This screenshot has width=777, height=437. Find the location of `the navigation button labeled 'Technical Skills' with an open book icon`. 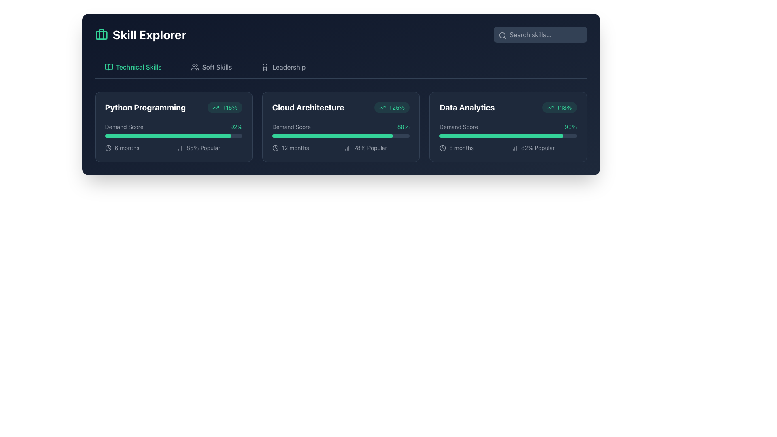

the navigation button labeled 'Technical Skills' with an open book icon is located at coordinates (133, 66).